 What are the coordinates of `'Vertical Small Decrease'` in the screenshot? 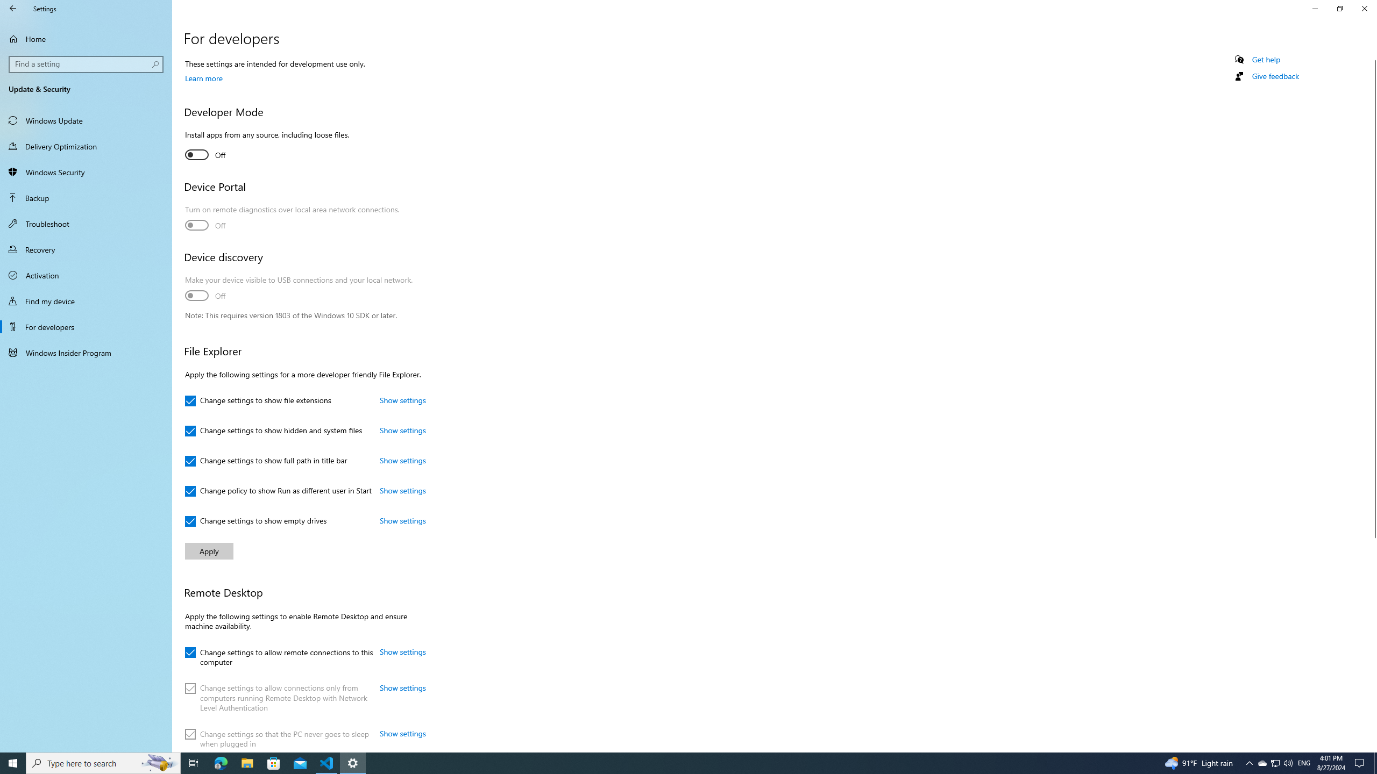 It's located at (1372, 55).